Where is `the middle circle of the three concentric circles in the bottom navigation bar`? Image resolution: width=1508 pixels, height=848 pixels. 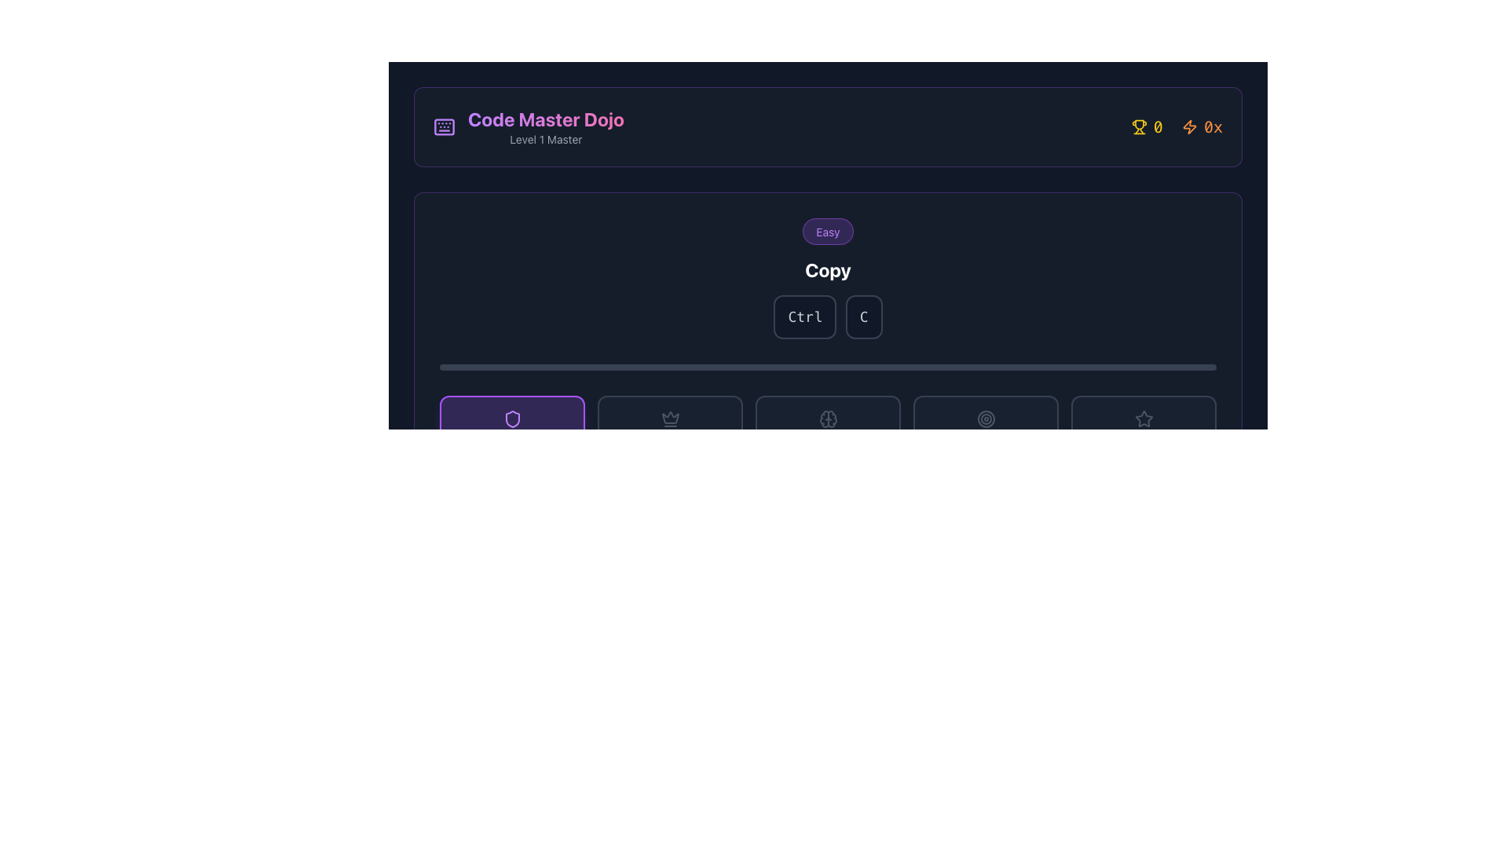 the middle circle of the three concentric circles in the bottom navigation bar is located at coordinates (985, 418).